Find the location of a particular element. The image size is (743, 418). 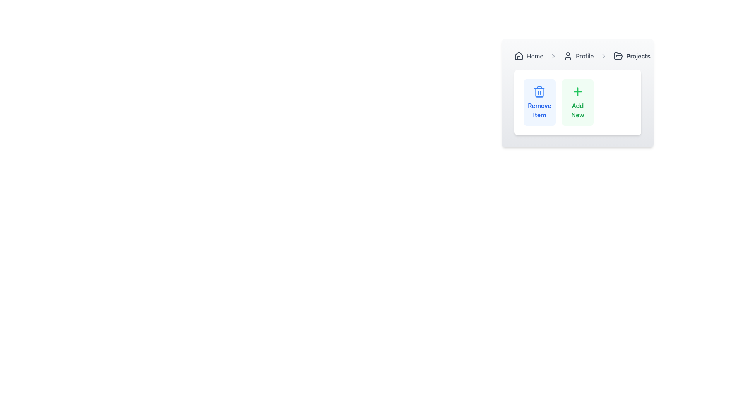

the open folder icon located next to the 'Projects' text in the breadcrumb navigation bar is located at coordinates (618, 55).